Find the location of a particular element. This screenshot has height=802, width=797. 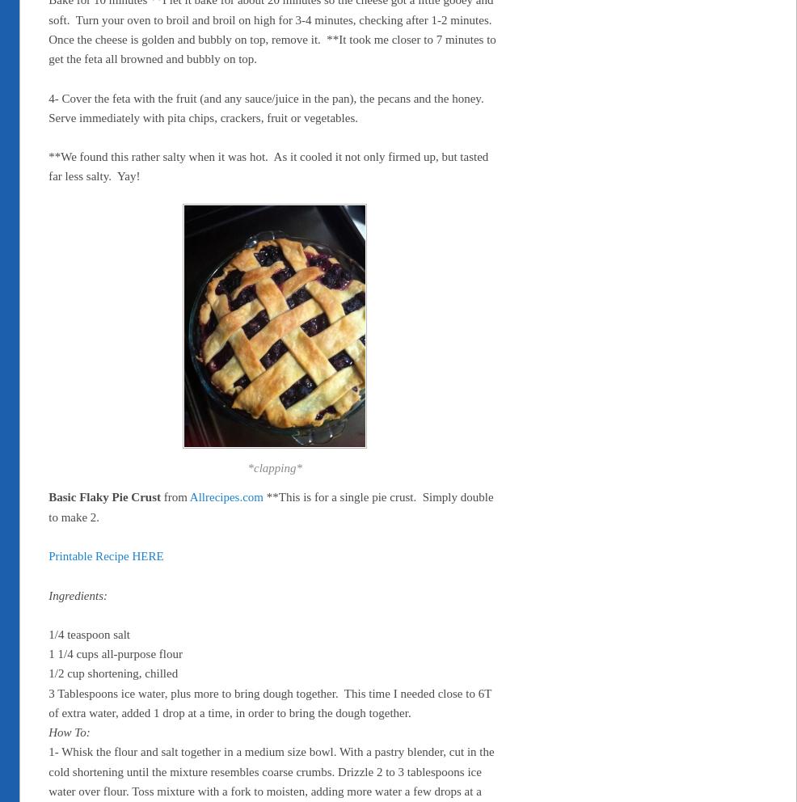

'Basic Flaky Pie Crust' is located at coordinates (48, 496).